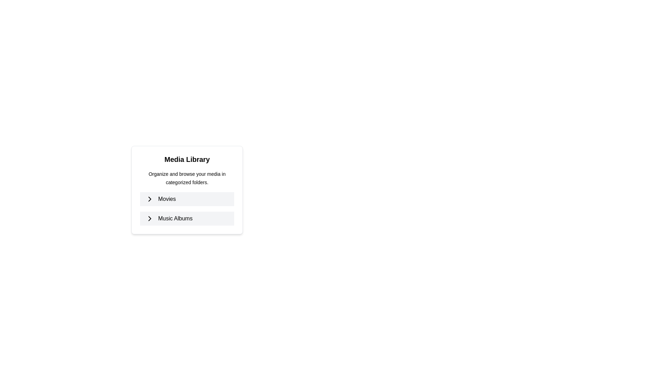  What do you see at coordinates (187, 190) in the screenshot?
I see `the titles in the 'Movies' or 'Music Albums' rows of the Media Library card element, which has a white background and shadowed borders` at bounding box center [187, 190].